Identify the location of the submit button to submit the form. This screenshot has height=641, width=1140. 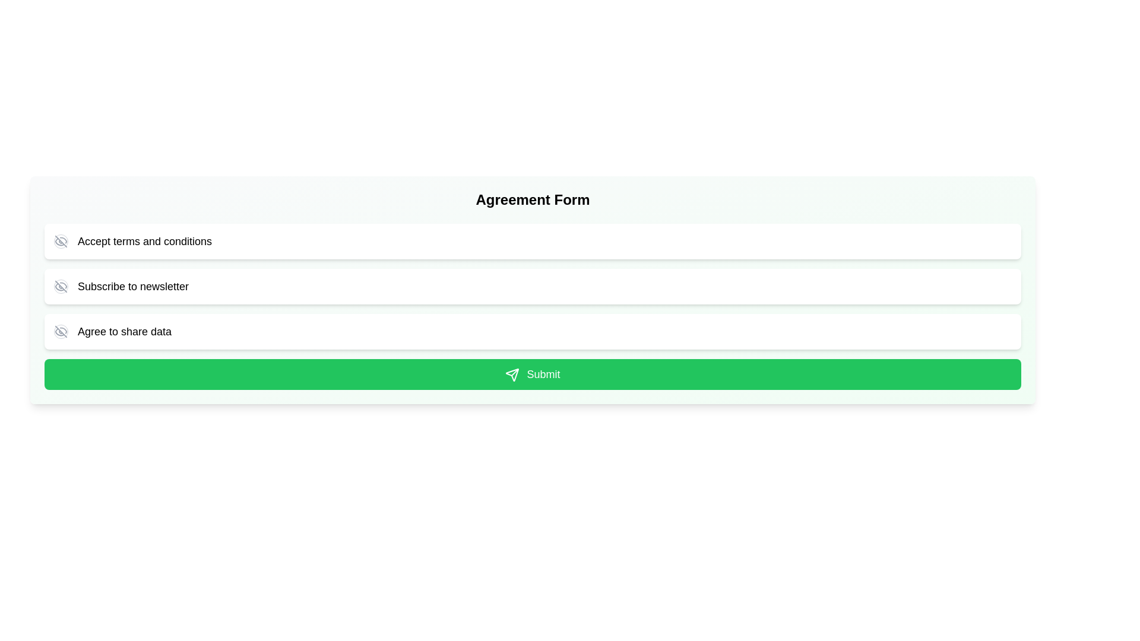
(532, 375).